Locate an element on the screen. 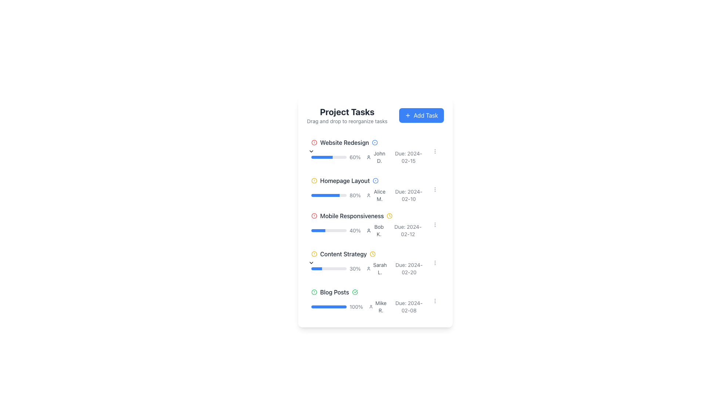  the warning icon located on the left side of the 'Content Strategy' task line, which indicates a warning or issue associated with the task is located at coordinates (314, 254).